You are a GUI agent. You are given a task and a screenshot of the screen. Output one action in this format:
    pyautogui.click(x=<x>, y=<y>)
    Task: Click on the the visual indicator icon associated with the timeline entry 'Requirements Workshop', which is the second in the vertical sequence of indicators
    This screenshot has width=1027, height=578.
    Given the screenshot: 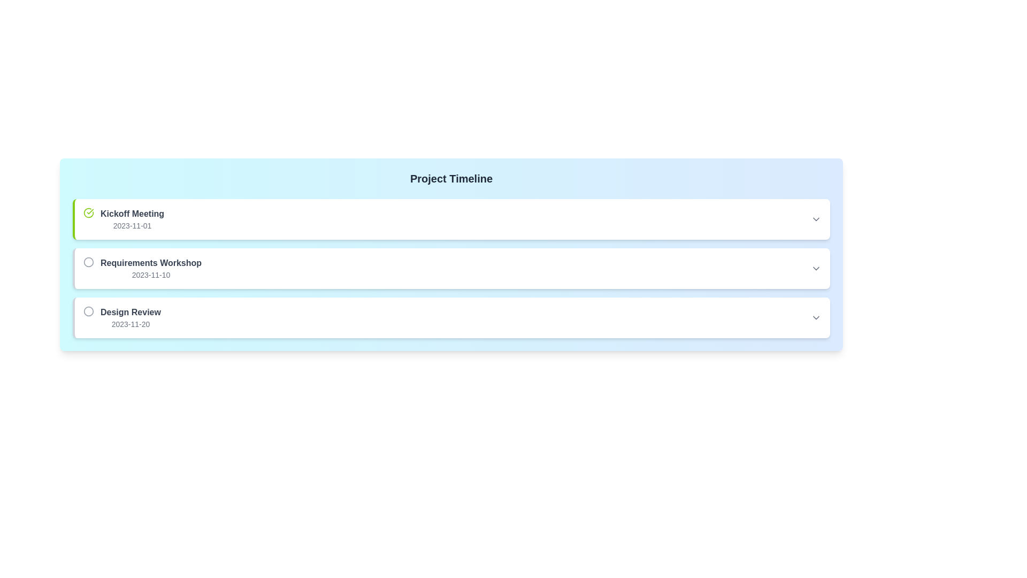 What is the action you would take?
    pyautogui.click(x=89, y=262)
    